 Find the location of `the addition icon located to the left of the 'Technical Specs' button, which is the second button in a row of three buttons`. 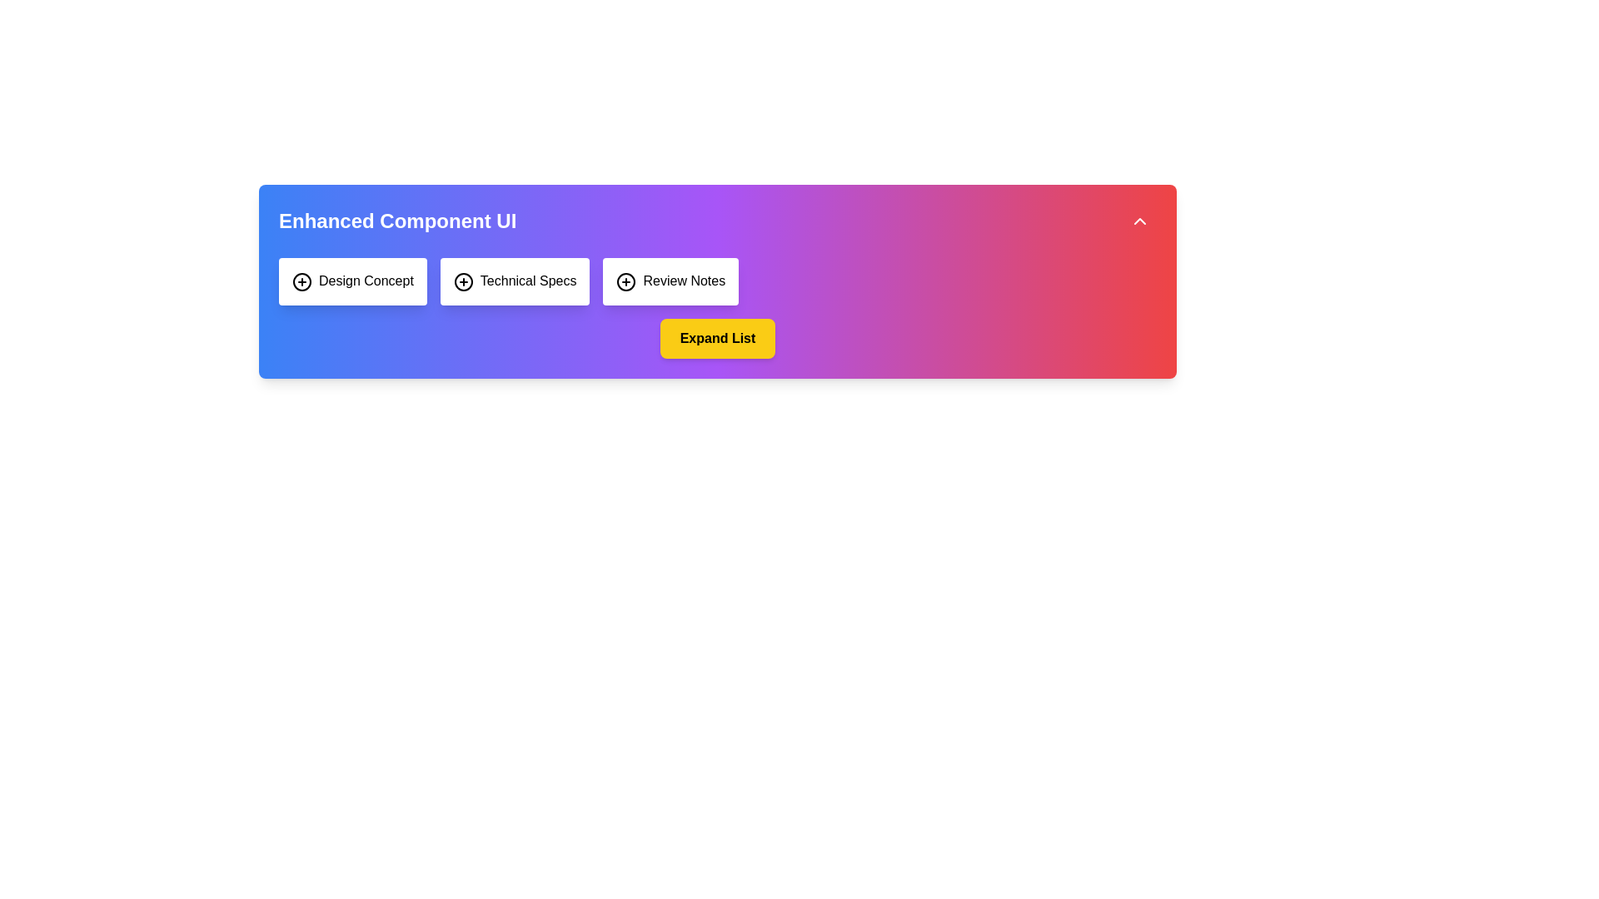

the addition icon located to the left of the 'Technical Specs' button, which is the second button in a row of three buttons is located at coordinates (463, 281).